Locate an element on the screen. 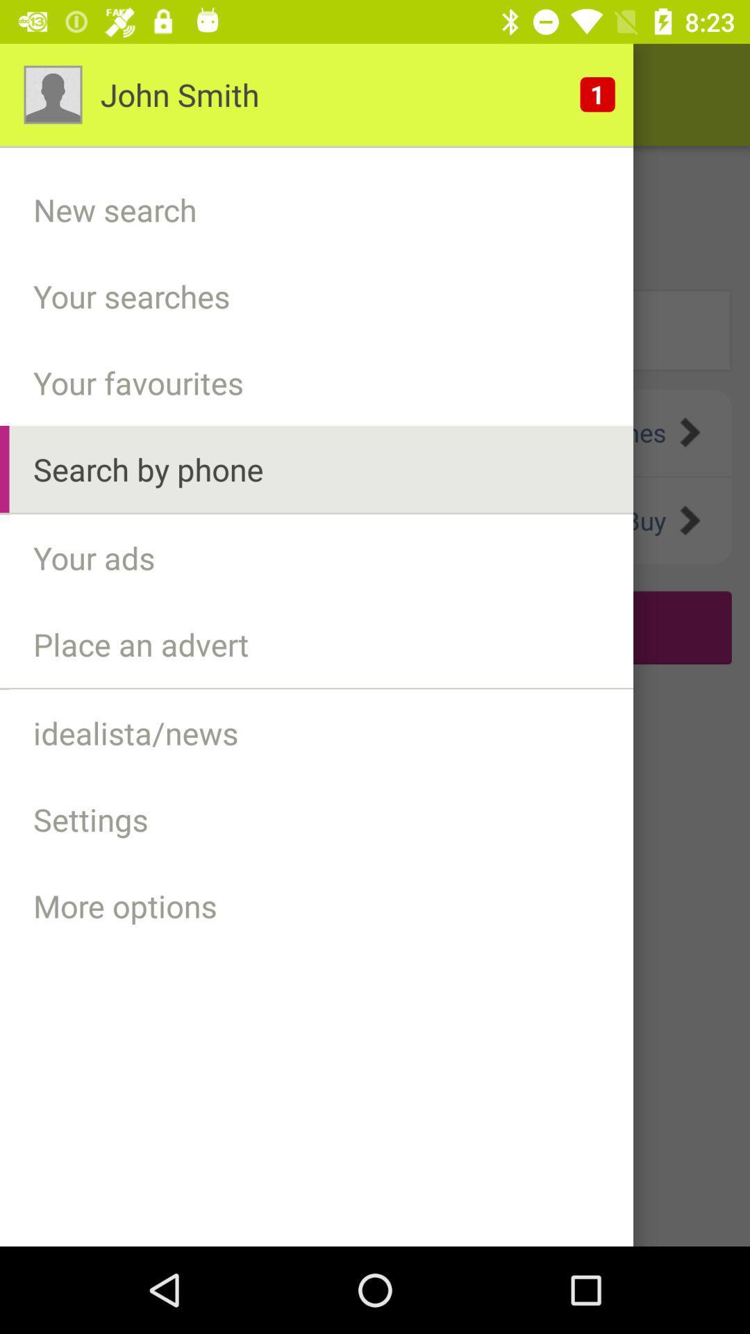 The width and height of the screenshot is (750, 1334). the text below your ads is located at coordinates (375, 627).